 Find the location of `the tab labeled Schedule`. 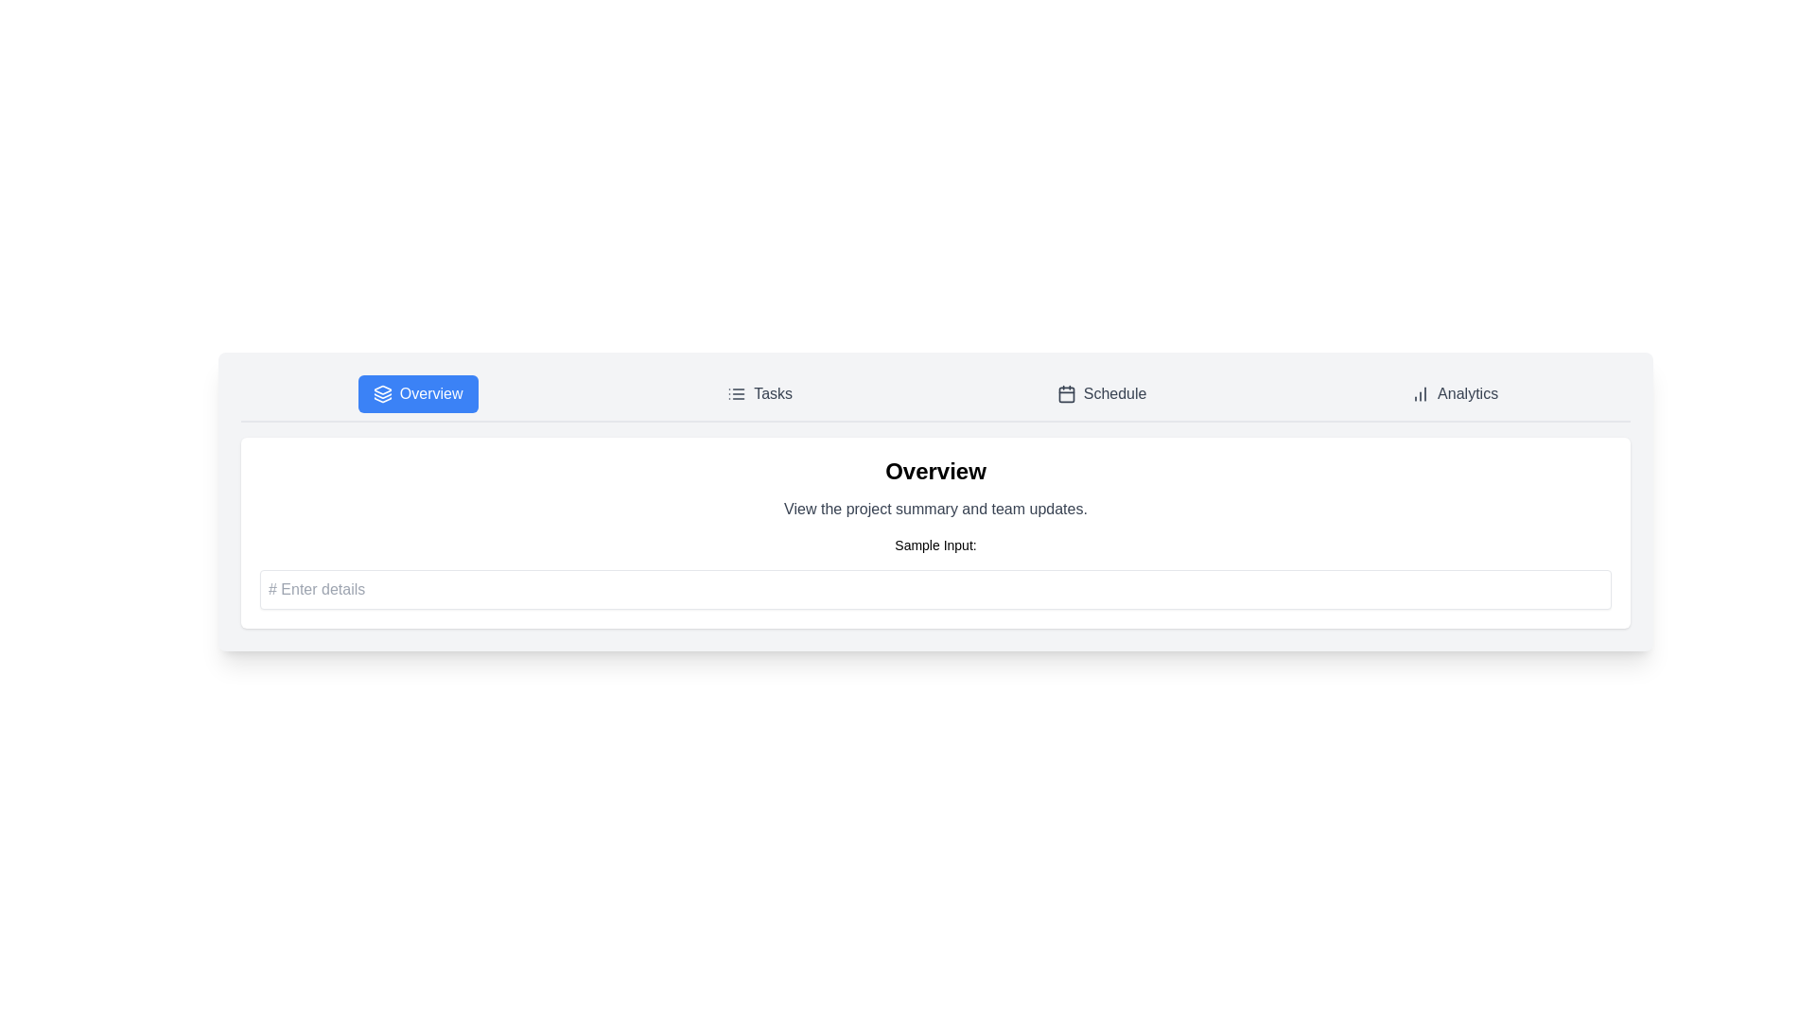

the tab labeled Schedule is located at coordinates (1102, 392).